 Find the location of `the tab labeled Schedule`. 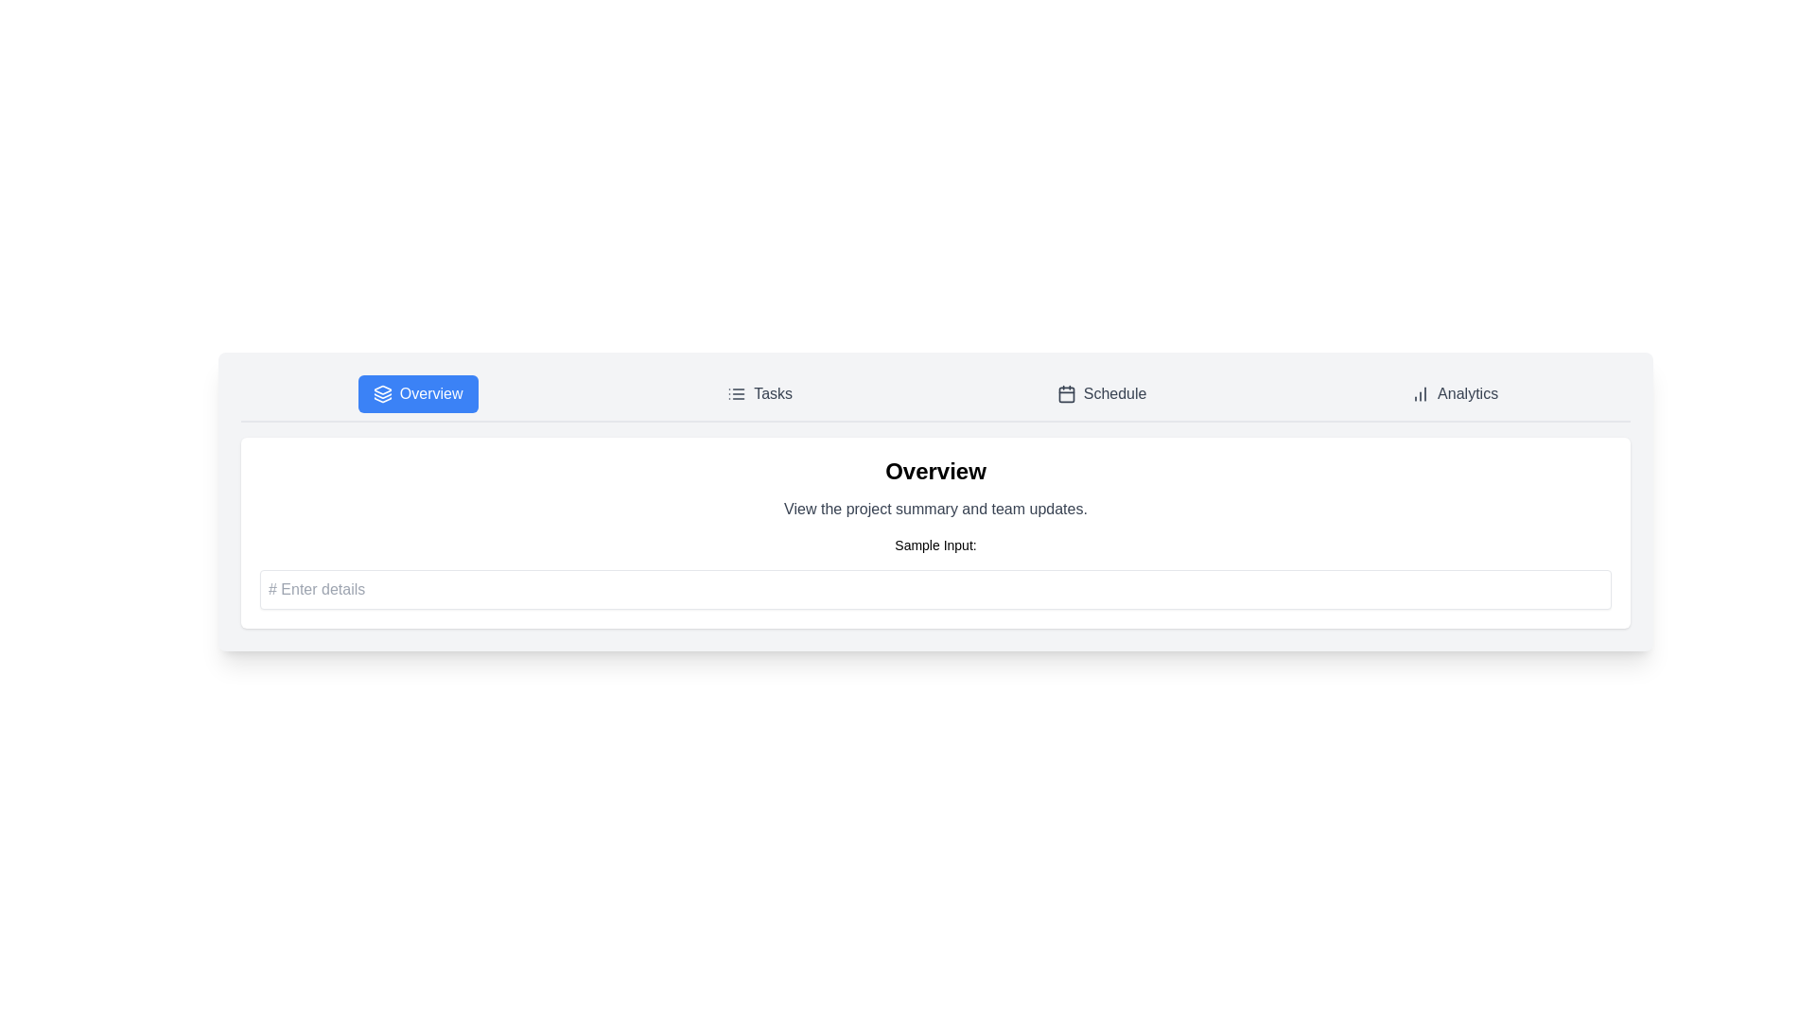

the tab labeled Schedule is located at coordinates (1102, 392).